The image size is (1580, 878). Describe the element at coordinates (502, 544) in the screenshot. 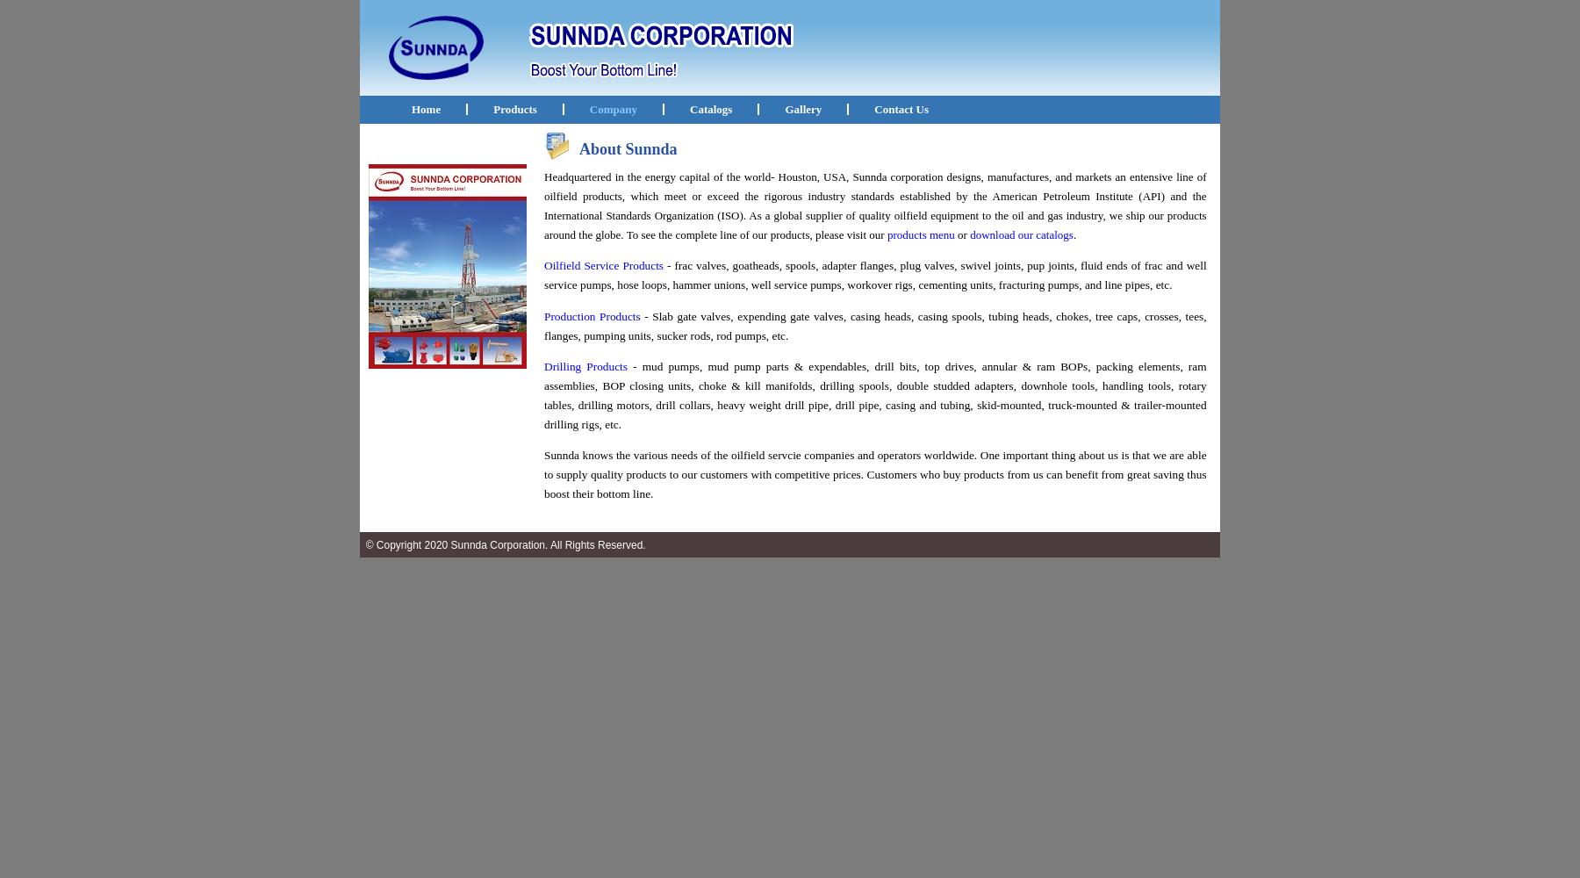

I see `'© Copyright 2020 Sunnda Corporation. All Rights Reserved.'` at that location.